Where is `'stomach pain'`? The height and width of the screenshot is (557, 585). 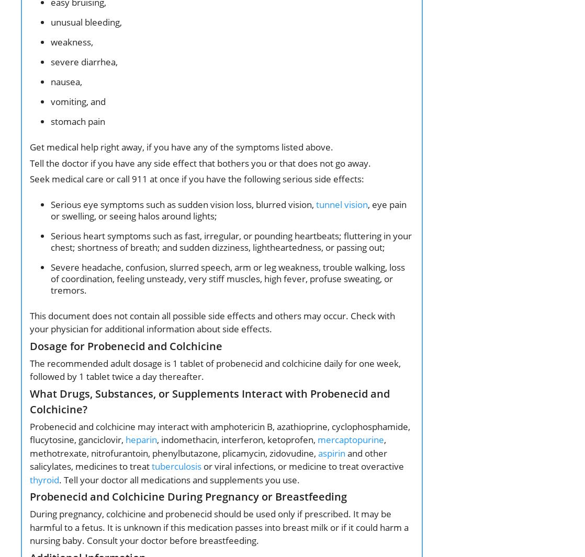
'stomach pain' is located at coordinates (78, 121).